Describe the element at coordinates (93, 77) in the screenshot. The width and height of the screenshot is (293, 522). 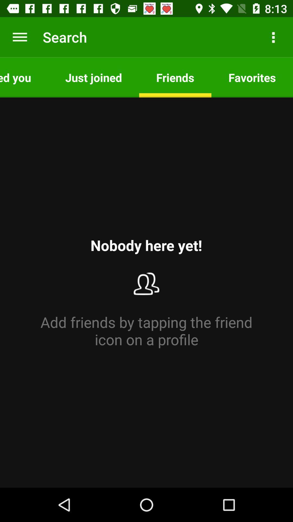
I see `item next to the liked you icon` at that location.